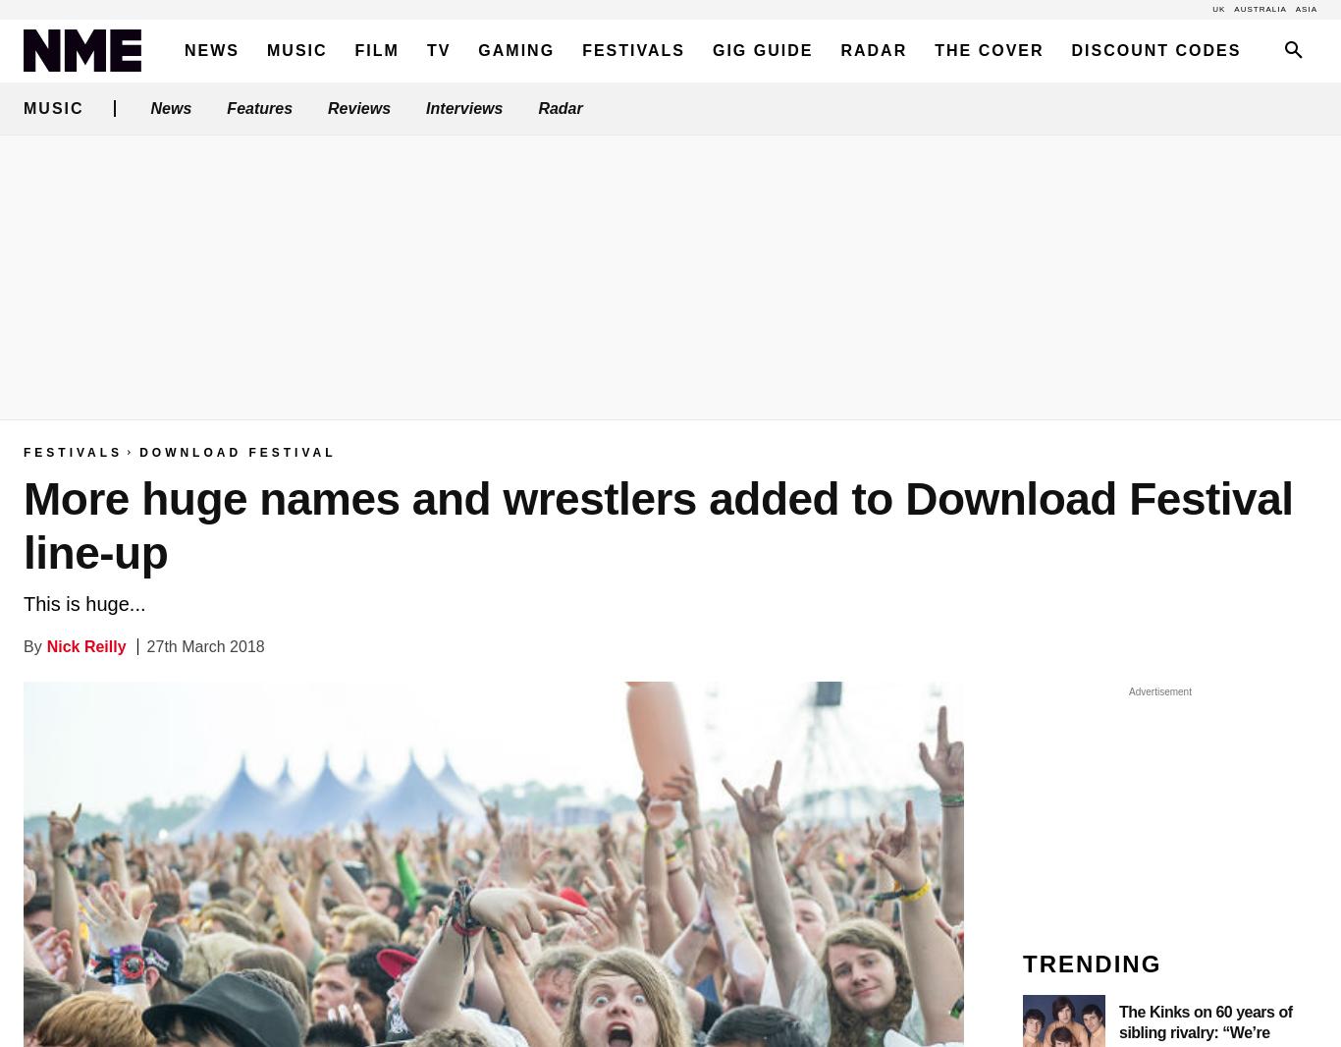  What do you see at coordinates (32, 645) in the screenshot?
I see `'By'` at bounding box center [32, 645].